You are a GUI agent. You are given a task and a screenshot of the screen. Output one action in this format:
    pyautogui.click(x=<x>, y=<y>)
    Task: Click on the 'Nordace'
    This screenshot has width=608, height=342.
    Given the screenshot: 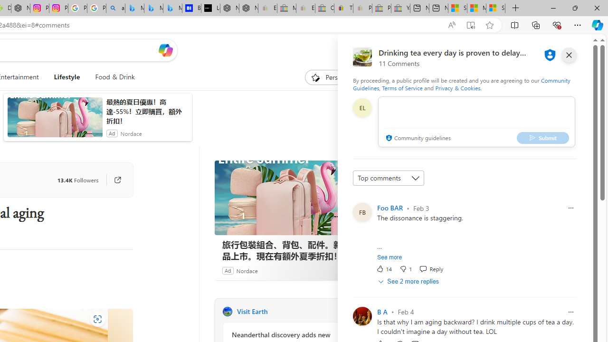 What is the action you would take?
    pyautogui.click(x=247, y=270)
    